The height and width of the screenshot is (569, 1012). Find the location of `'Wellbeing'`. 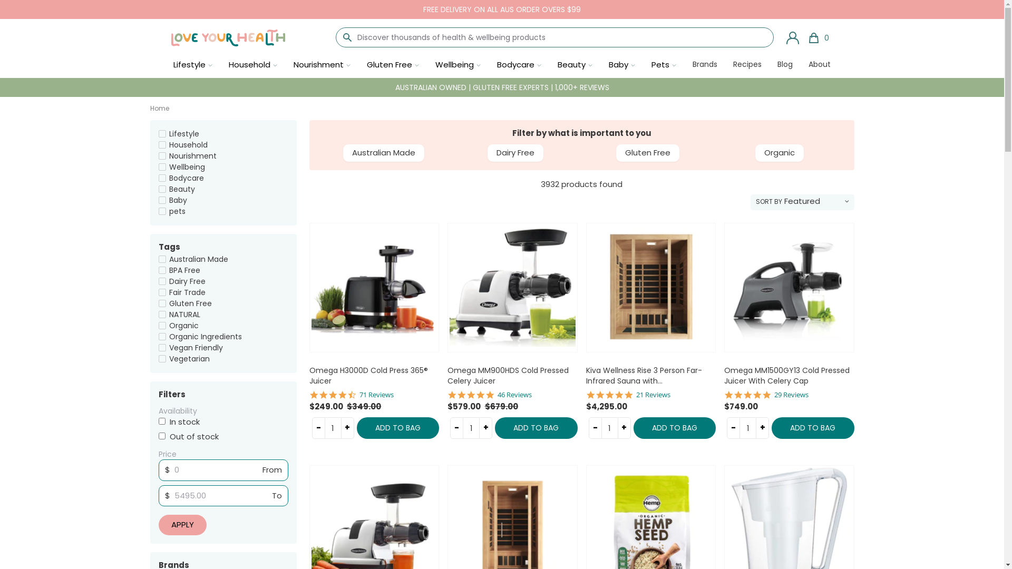

'Wellbeing' is located at coordinates (187, 166).